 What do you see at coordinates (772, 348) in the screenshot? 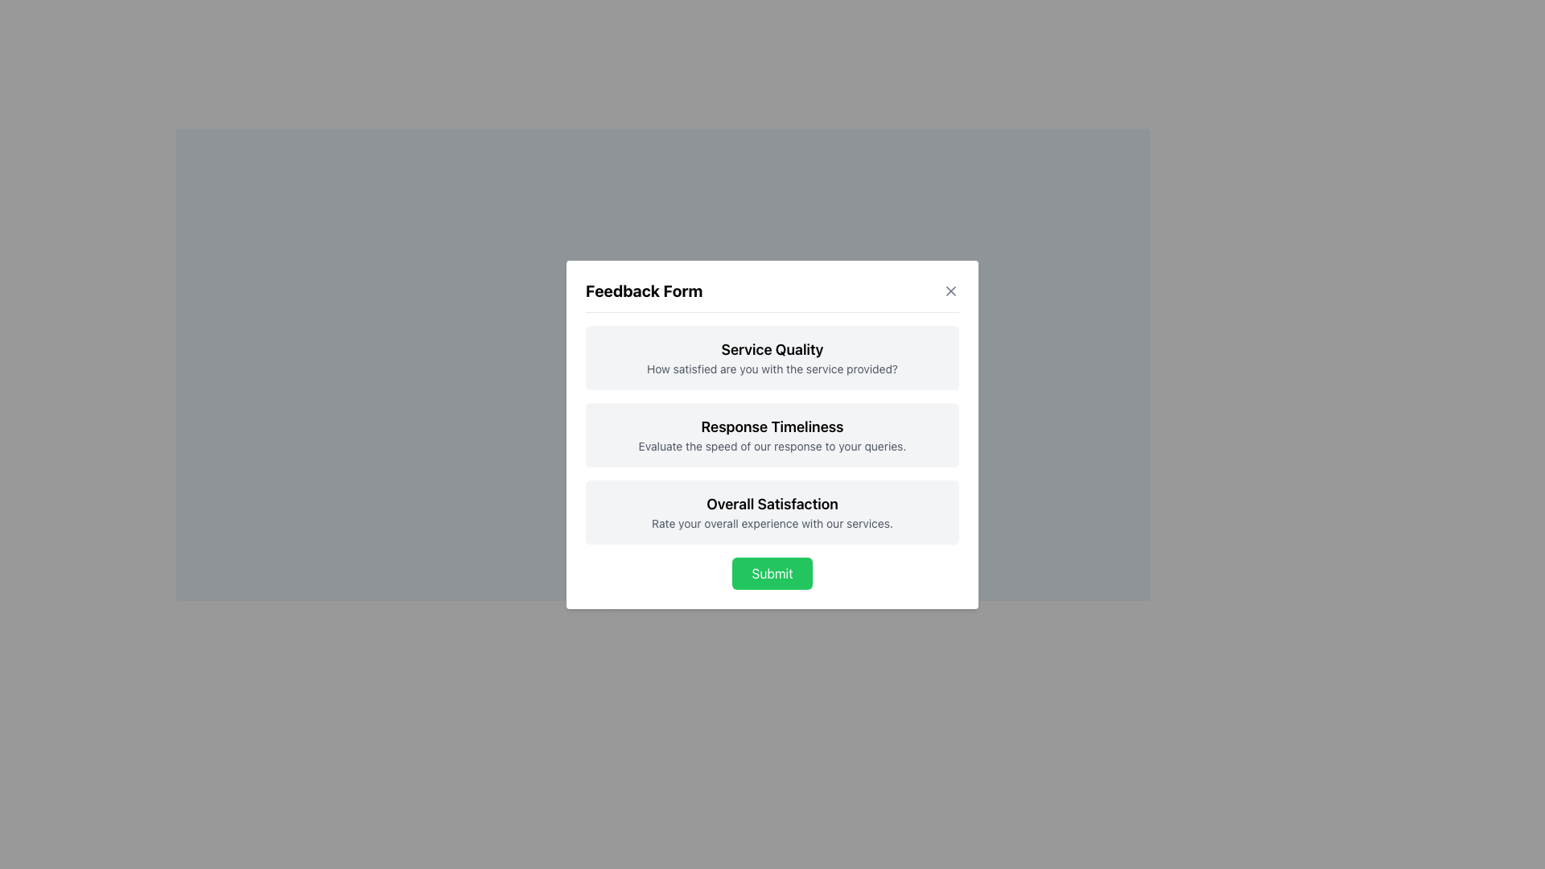
I see `the bold, large-font text label displaying 'Service Quality', which is centrally aligned and located above the question 'How satisfied are you with the service provided?'` at bounding box center [772, 348].